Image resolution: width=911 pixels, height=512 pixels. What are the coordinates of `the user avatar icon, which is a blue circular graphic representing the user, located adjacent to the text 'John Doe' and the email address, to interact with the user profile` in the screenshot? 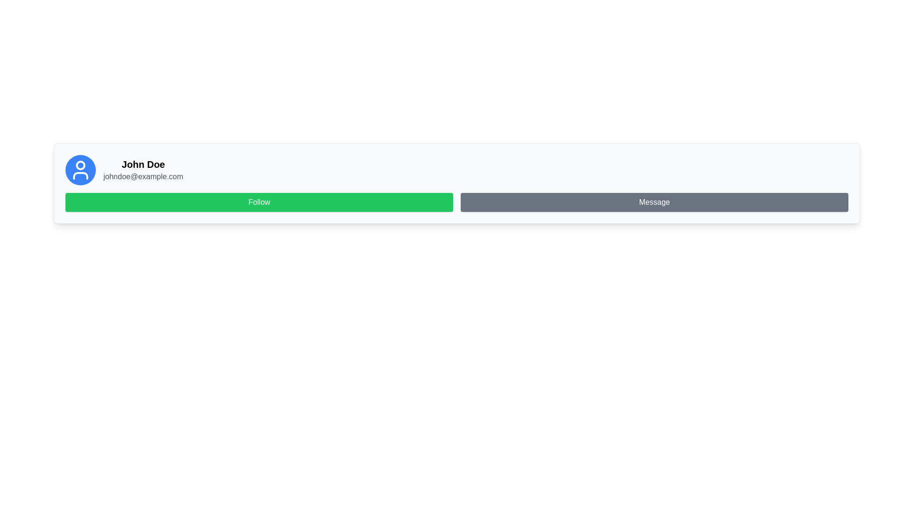 It's located at (80, 169).